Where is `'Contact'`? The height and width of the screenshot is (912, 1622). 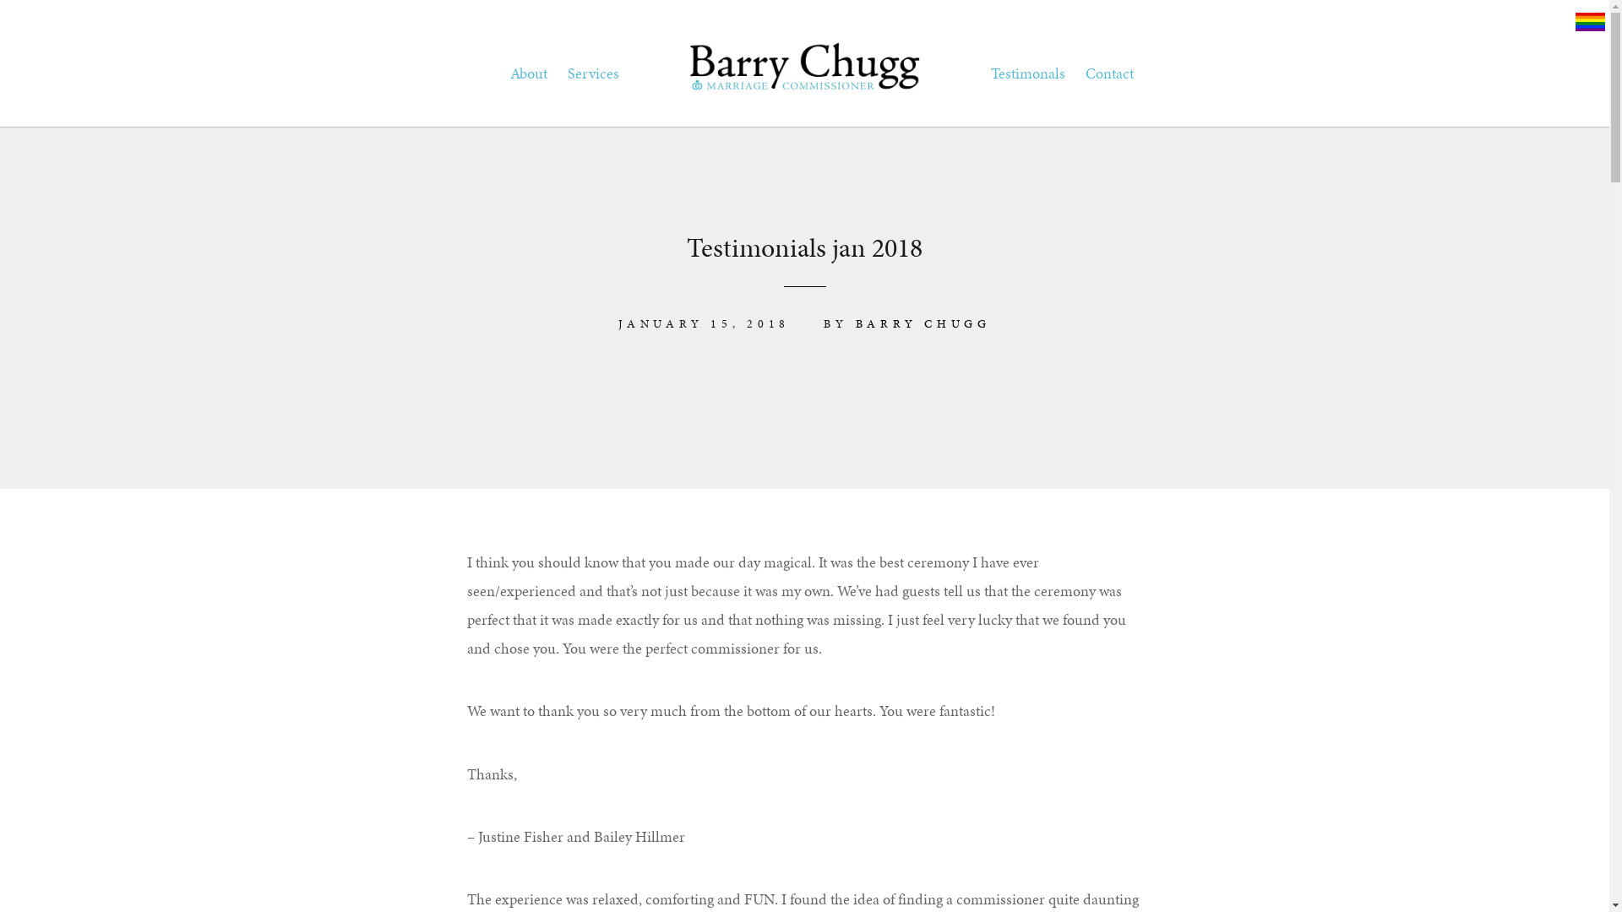 'Contact' is located at coordinates (1108, 73).